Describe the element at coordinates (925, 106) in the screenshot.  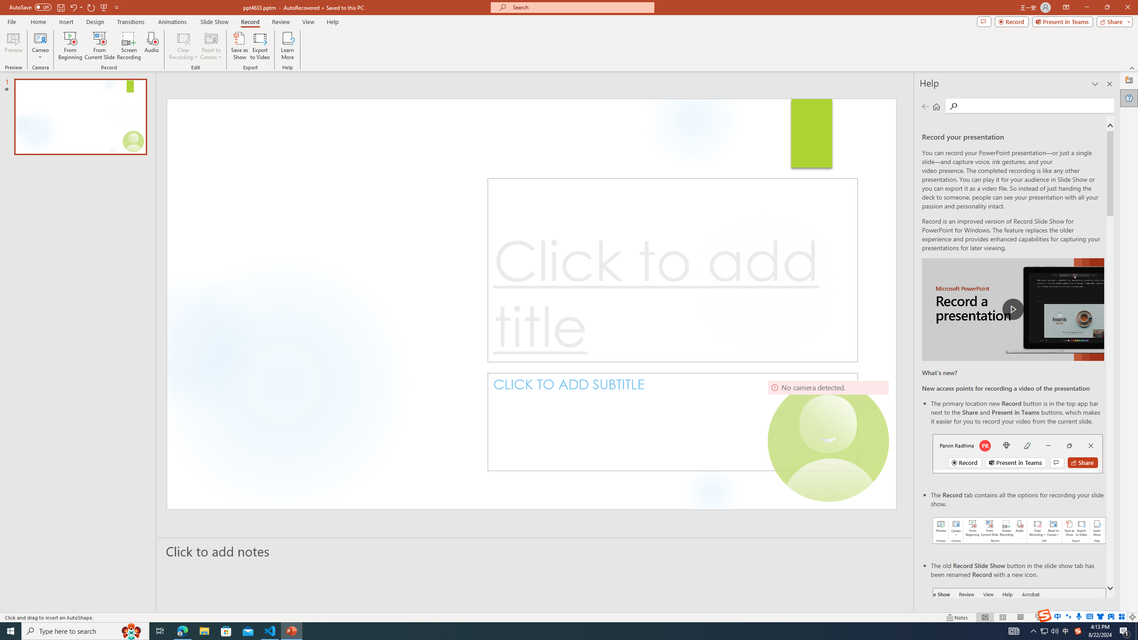
I see `'Previous page'` at that location.